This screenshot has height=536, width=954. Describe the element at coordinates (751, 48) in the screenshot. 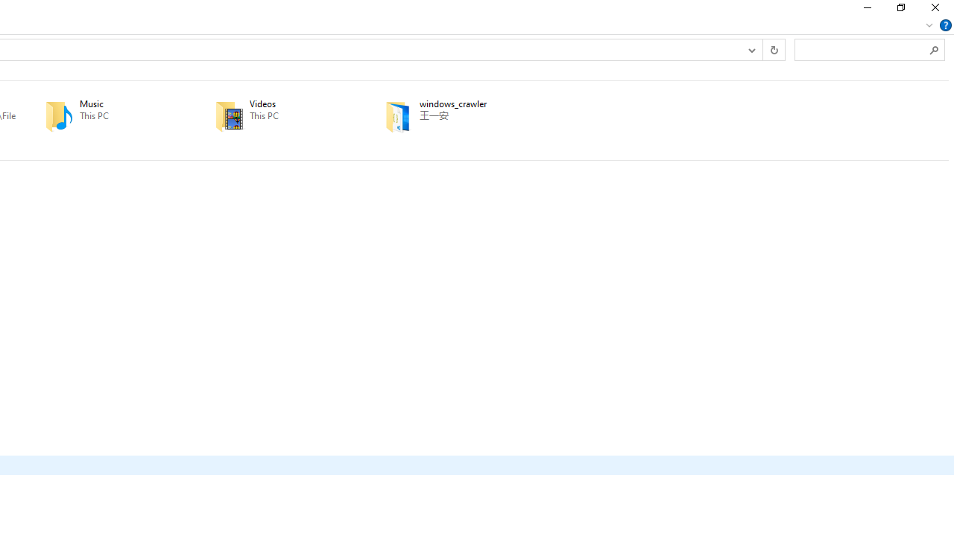

I see `'Previous Locations'` at that location.